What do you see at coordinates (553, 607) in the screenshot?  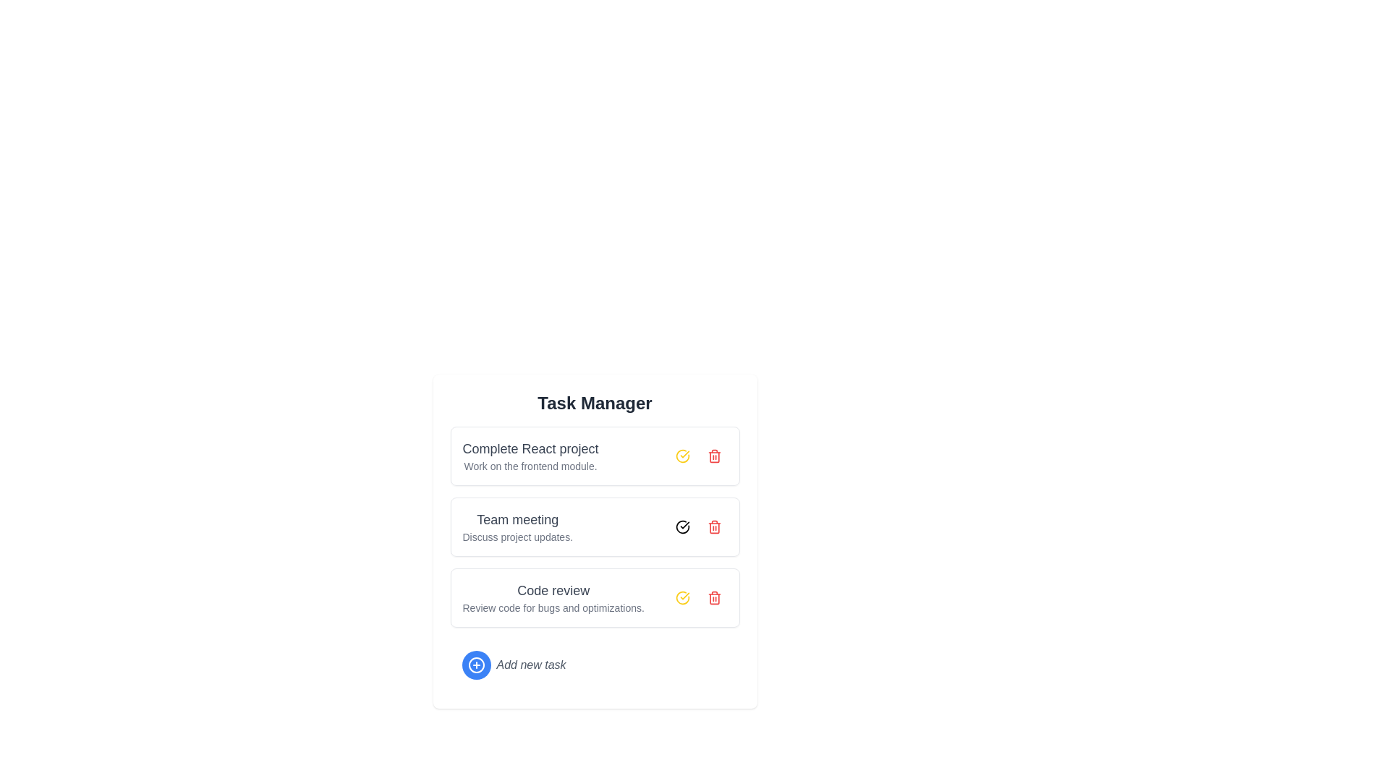 I see `the text label that says 'Review code for bugs and optimizations.' located below the heading 'Code review' in the 'Task Manager' application` at bounding box center [553, 607].